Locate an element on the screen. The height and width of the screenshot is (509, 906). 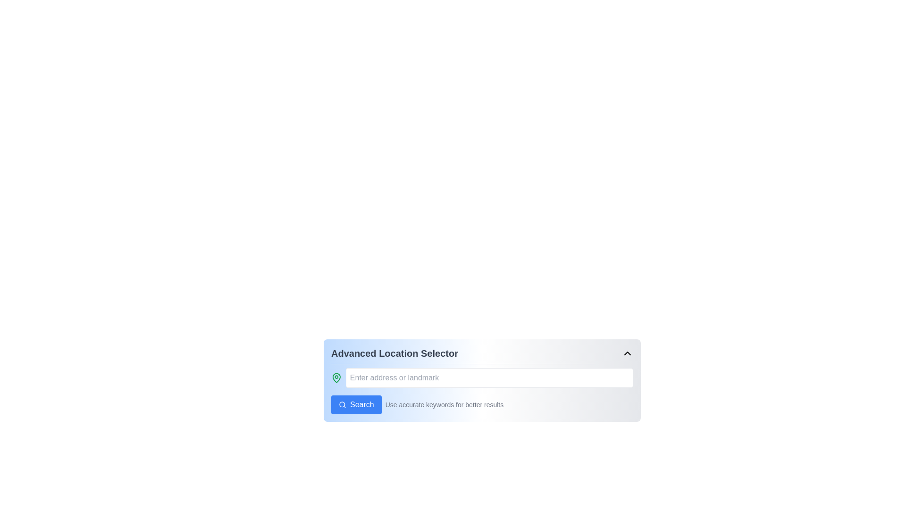
the static text label indicating the action of searching, located inside a blue call-to-action button at the bottom-left corner of an input box is located at coordinates (361, 404).